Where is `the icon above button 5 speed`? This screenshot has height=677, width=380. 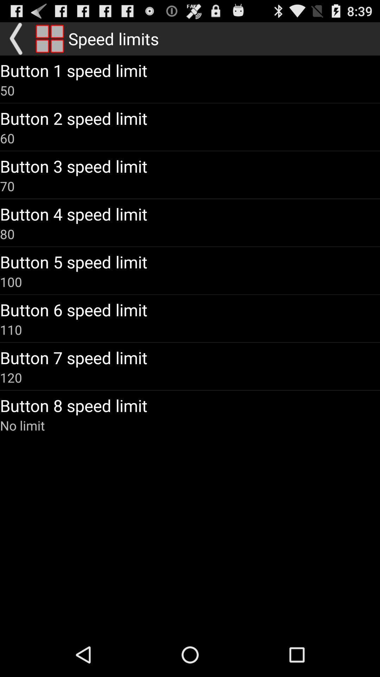
the icon above button 5 speed is located at coordinates (7, 234).